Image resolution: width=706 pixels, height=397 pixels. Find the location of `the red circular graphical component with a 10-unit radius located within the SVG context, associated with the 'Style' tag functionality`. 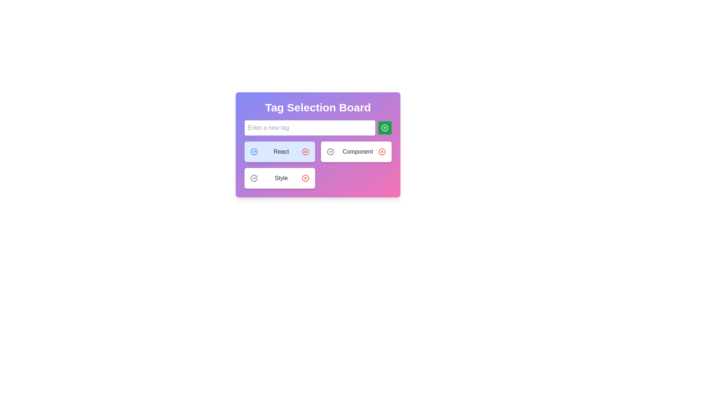

the red circular graphical component with a 10-unit radius located within the SVG context, associated with the 'Style' tag functionality is located at coordinates (305, 178).